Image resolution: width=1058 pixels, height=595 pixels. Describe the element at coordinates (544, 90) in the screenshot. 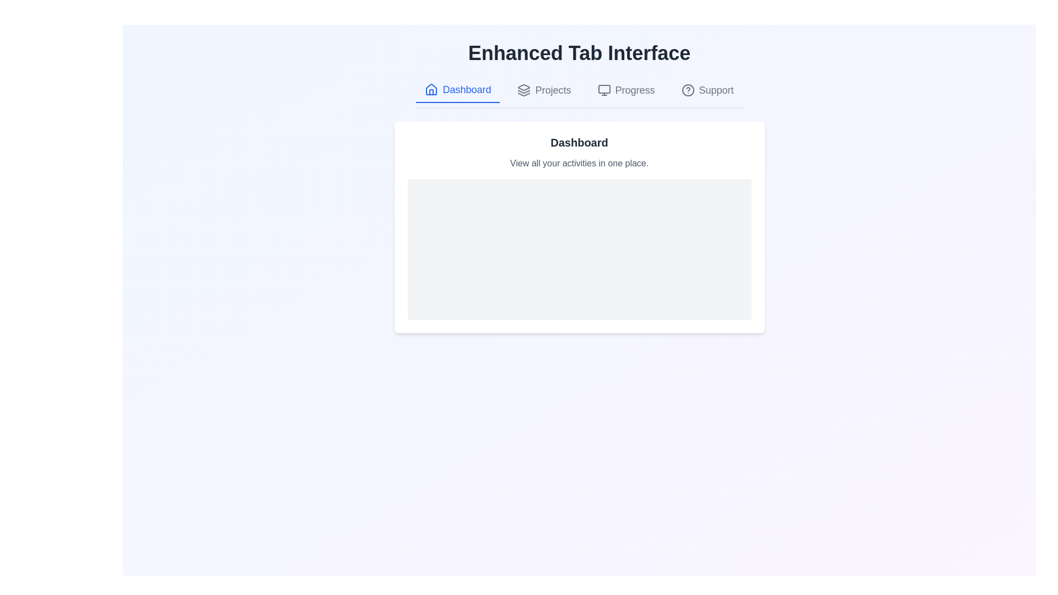

I see `the tab labeled Projects to observe the hover effect` at that location.